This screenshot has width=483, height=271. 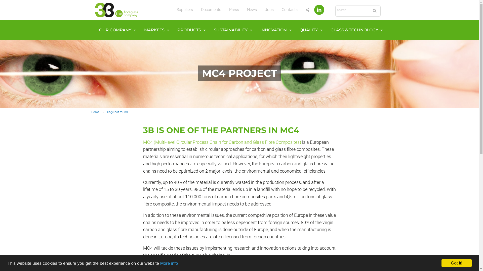 What do you see at coordinates (233, 10) in the screenshot?
I see `'Press'` at bounding box center [233, 10].